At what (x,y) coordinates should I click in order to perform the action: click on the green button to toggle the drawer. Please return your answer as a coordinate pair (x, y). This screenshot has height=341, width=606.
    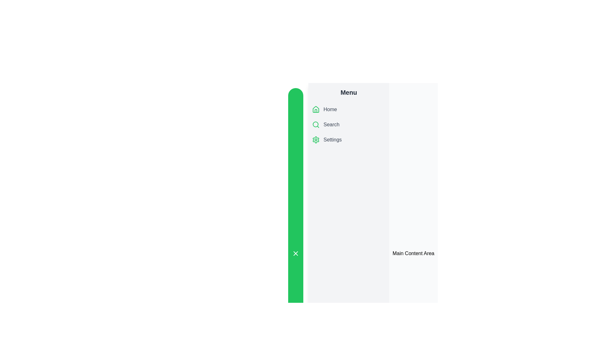
    Looking at the image, I should click on (295, 253).